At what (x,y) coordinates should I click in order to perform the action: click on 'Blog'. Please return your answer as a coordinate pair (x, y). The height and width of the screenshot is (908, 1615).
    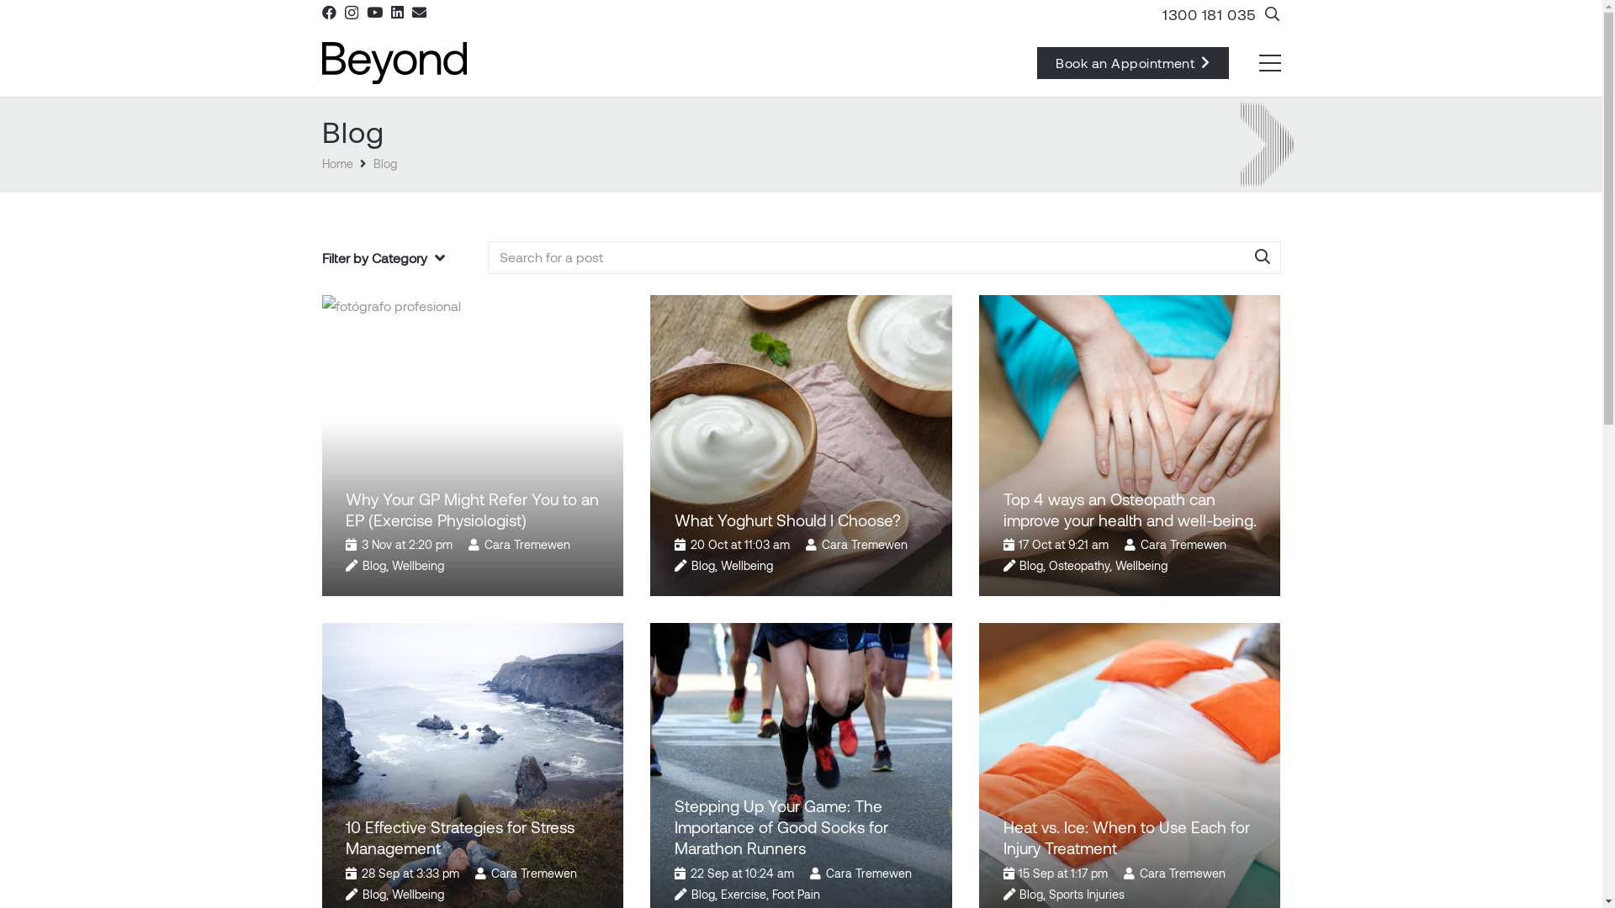
    Looking at the image, I should click on (1030, 893).